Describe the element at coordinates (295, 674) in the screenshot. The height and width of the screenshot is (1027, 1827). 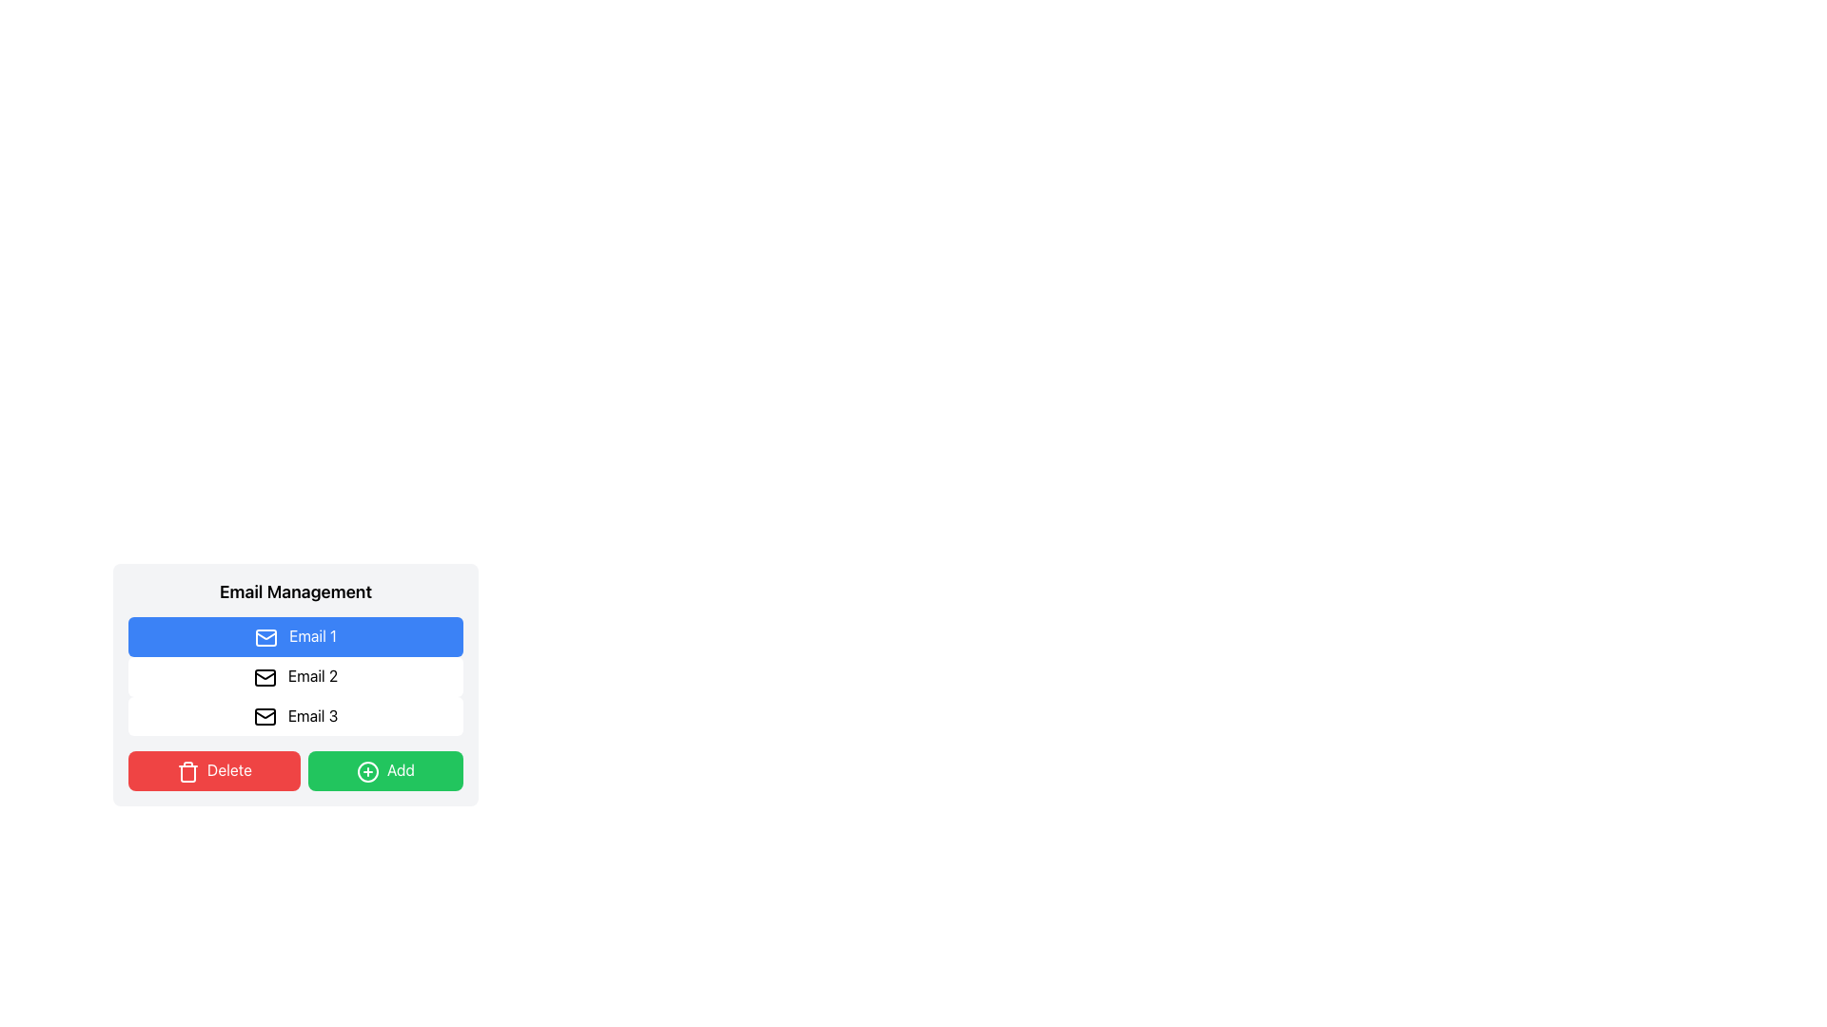
I see `the 'Email 2' button` at that location.